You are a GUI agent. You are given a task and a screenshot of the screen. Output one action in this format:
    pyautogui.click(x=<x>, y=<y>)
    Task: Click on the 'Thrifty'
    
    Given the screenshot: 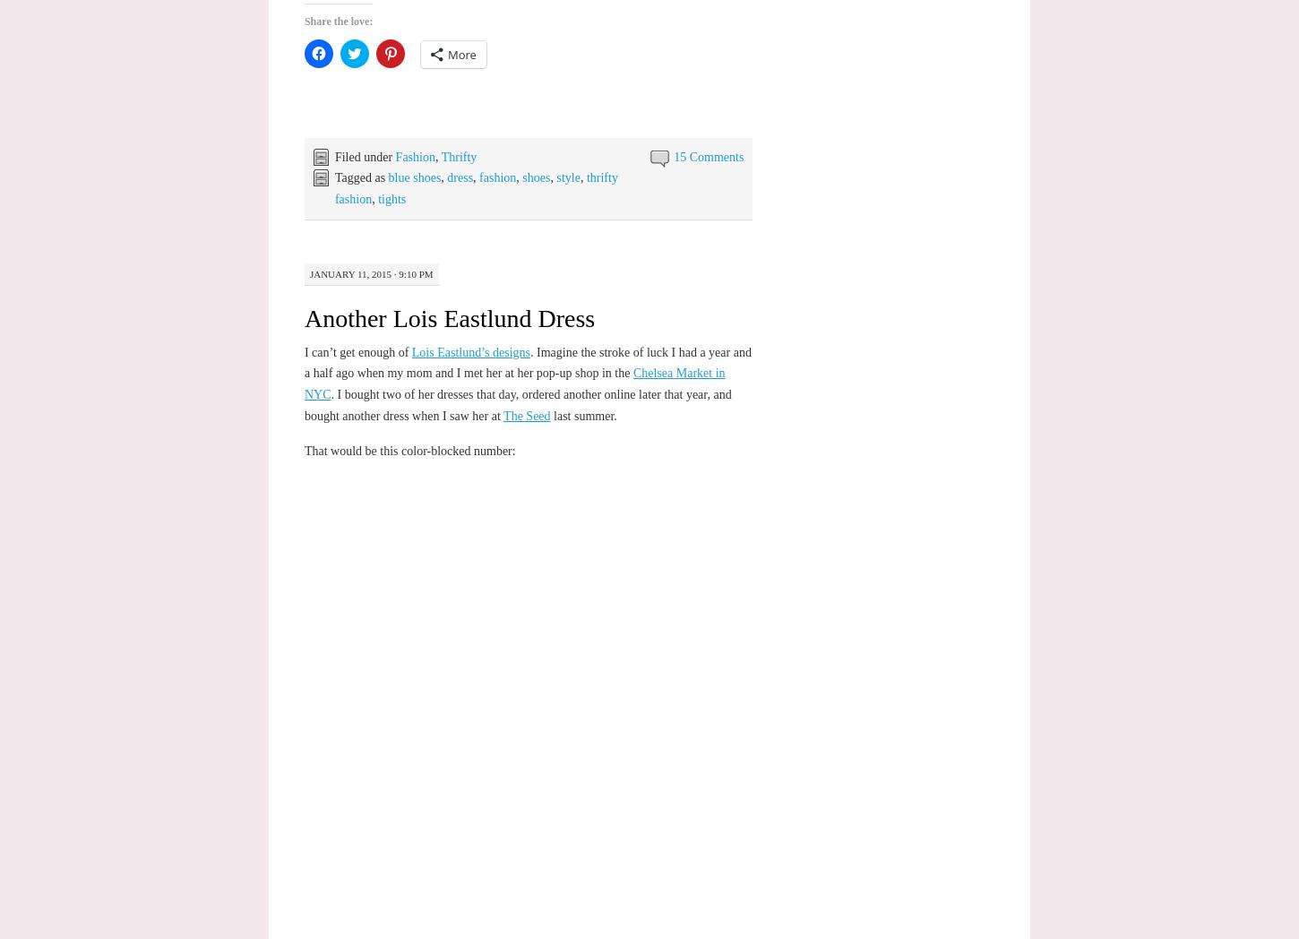 What is the action you would take?
    pyautogui.click(x=458, y=156)
    